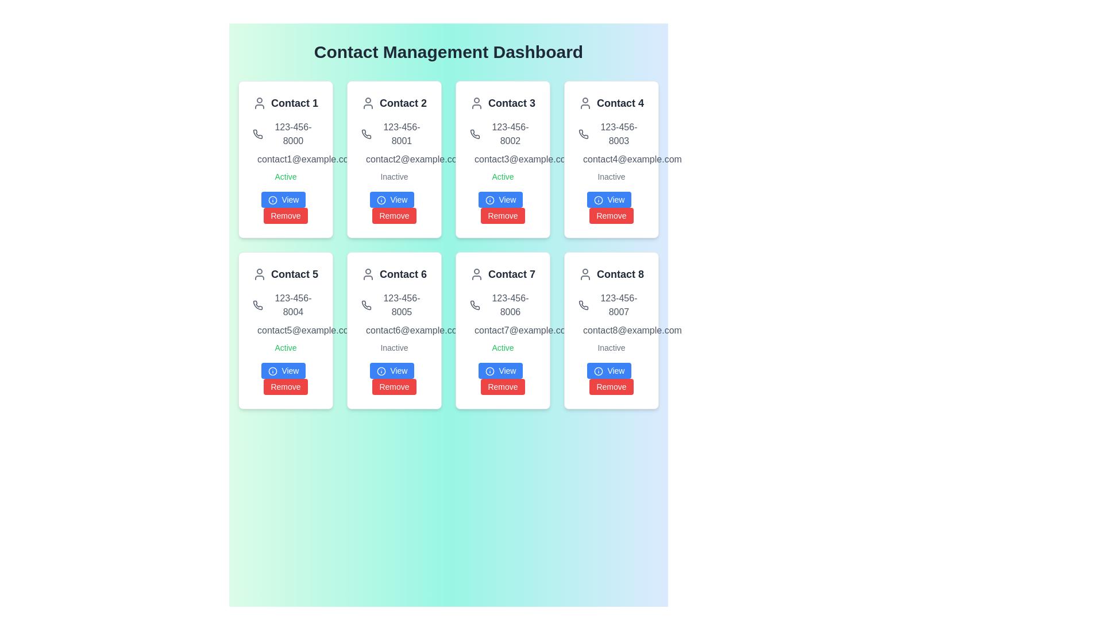  What do you see at coordinates (503, 134) in the screenshot?
I see `the phone number '123-456-8002' displayed in gray serifed font, which is located on the right side of the third contact card labeled 'Contact 3'` at bounding box center [503, 134].